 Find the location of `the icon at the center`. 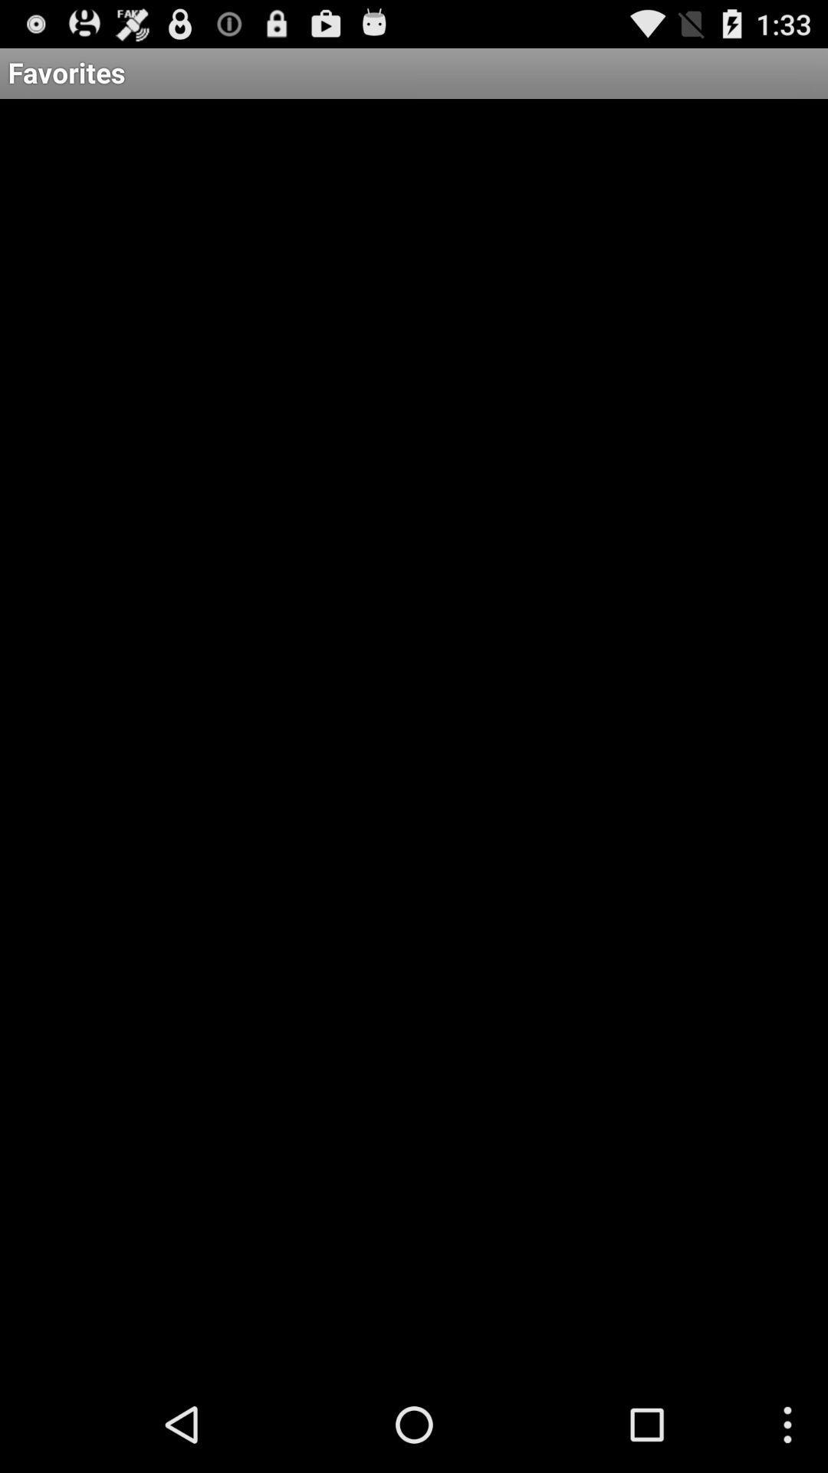

the icon at the center is located at coordinates (414, 737).